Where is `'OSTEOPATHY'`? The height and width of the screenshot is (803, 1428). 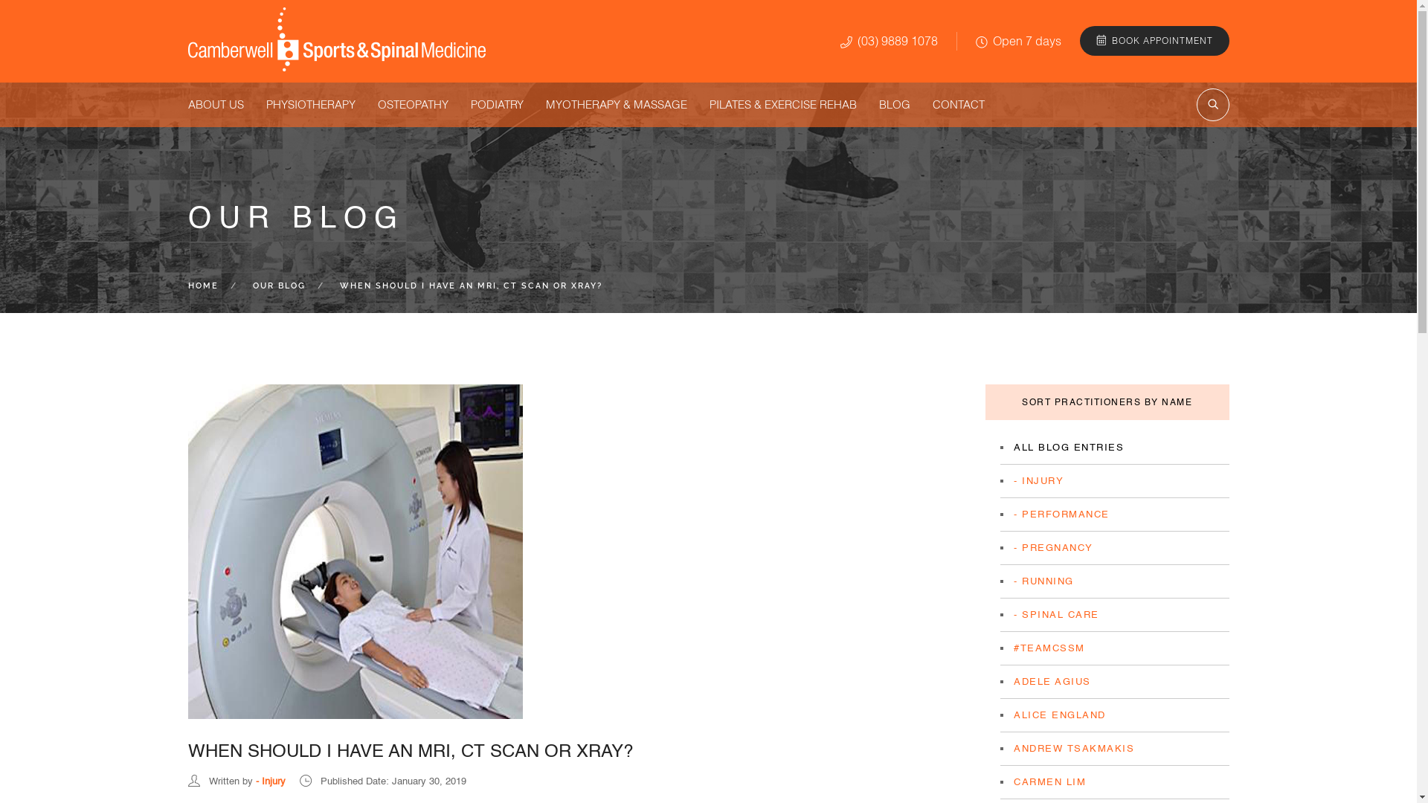
'OSTEOPATHY' is located at coordinates (413, 104).